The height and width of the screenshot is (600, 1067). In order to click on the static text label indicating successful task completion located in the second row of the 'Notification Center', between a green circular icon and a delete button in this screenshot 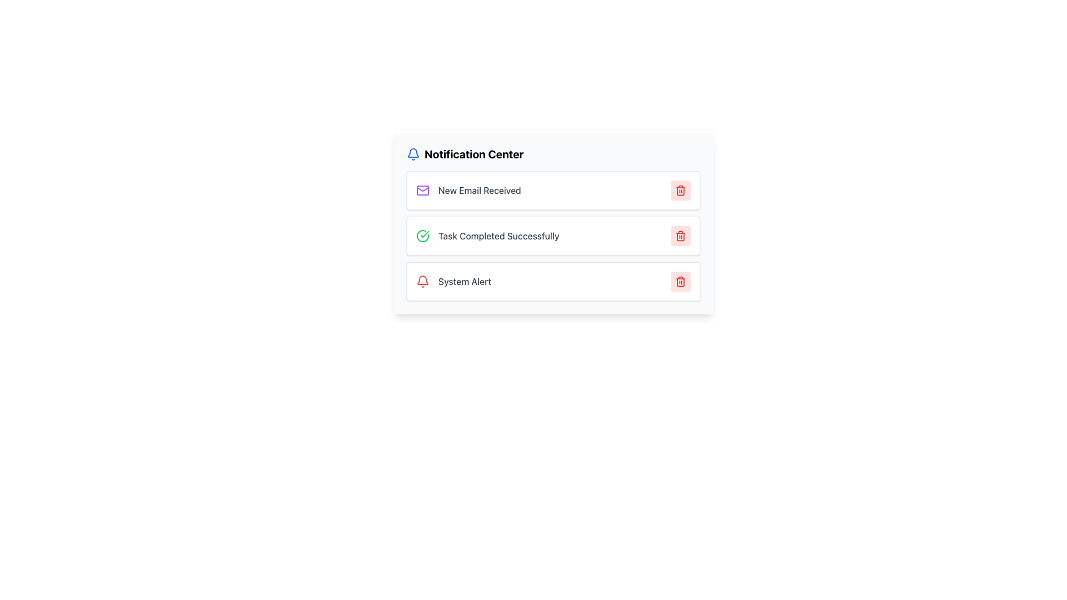, I will do `click(498, 235)`.